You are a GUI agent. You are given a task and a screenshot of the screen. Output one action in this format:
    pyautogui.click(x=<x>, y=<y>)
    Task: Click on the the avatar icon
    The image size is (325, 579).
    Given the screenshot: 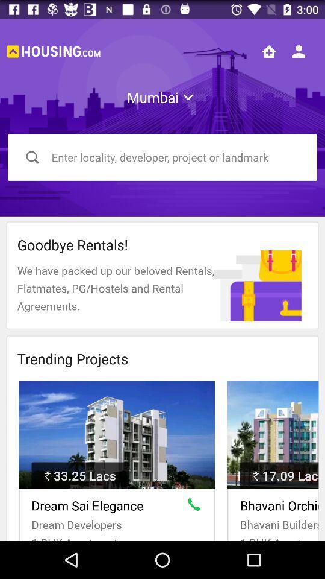 What is the action you would take?
    pyautogui.click(x=298, y=51)
    